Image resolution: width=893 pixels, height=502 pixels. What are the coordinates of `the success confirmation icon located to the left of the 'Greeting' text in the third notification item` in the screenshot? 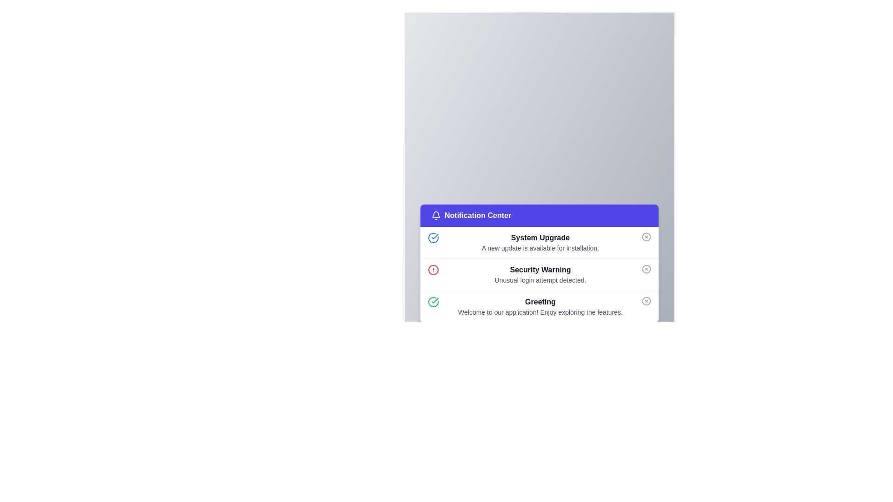 It's located at (433, 302).